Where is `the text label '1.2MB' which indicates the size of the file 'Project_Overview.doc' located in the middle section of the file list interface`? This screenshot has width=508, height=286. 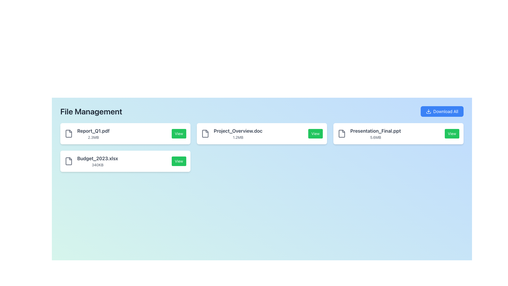
the text label '1.2MB' which indicates the size of the file 'Project_Overview.doc' located in the middle section of the file list interface is located at coordinates (238, 137).